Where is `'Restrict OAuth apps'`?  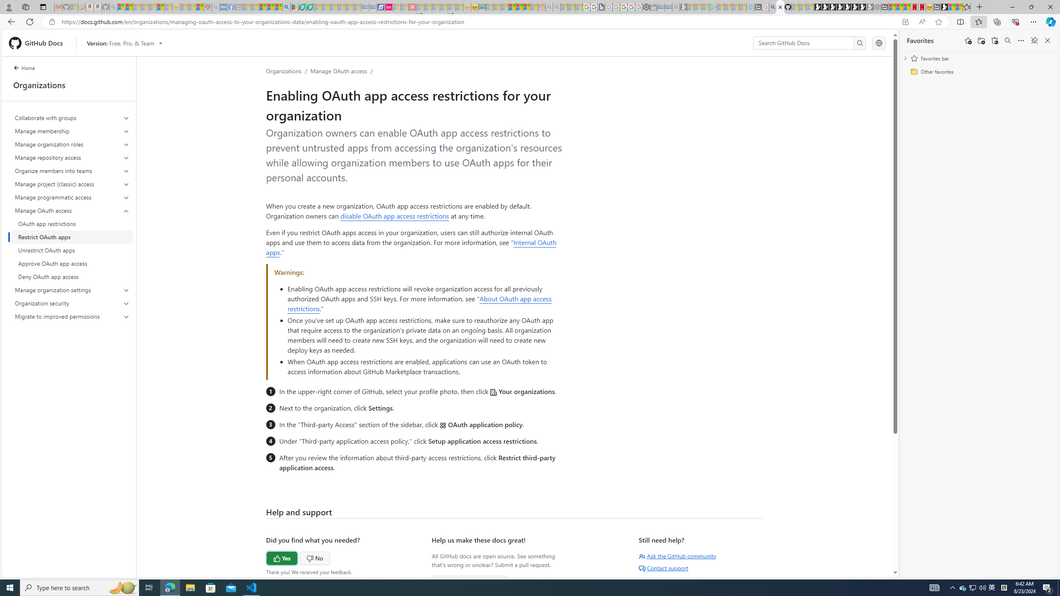 'Restrict OAuth apps' is located at coordinates (72, 237).